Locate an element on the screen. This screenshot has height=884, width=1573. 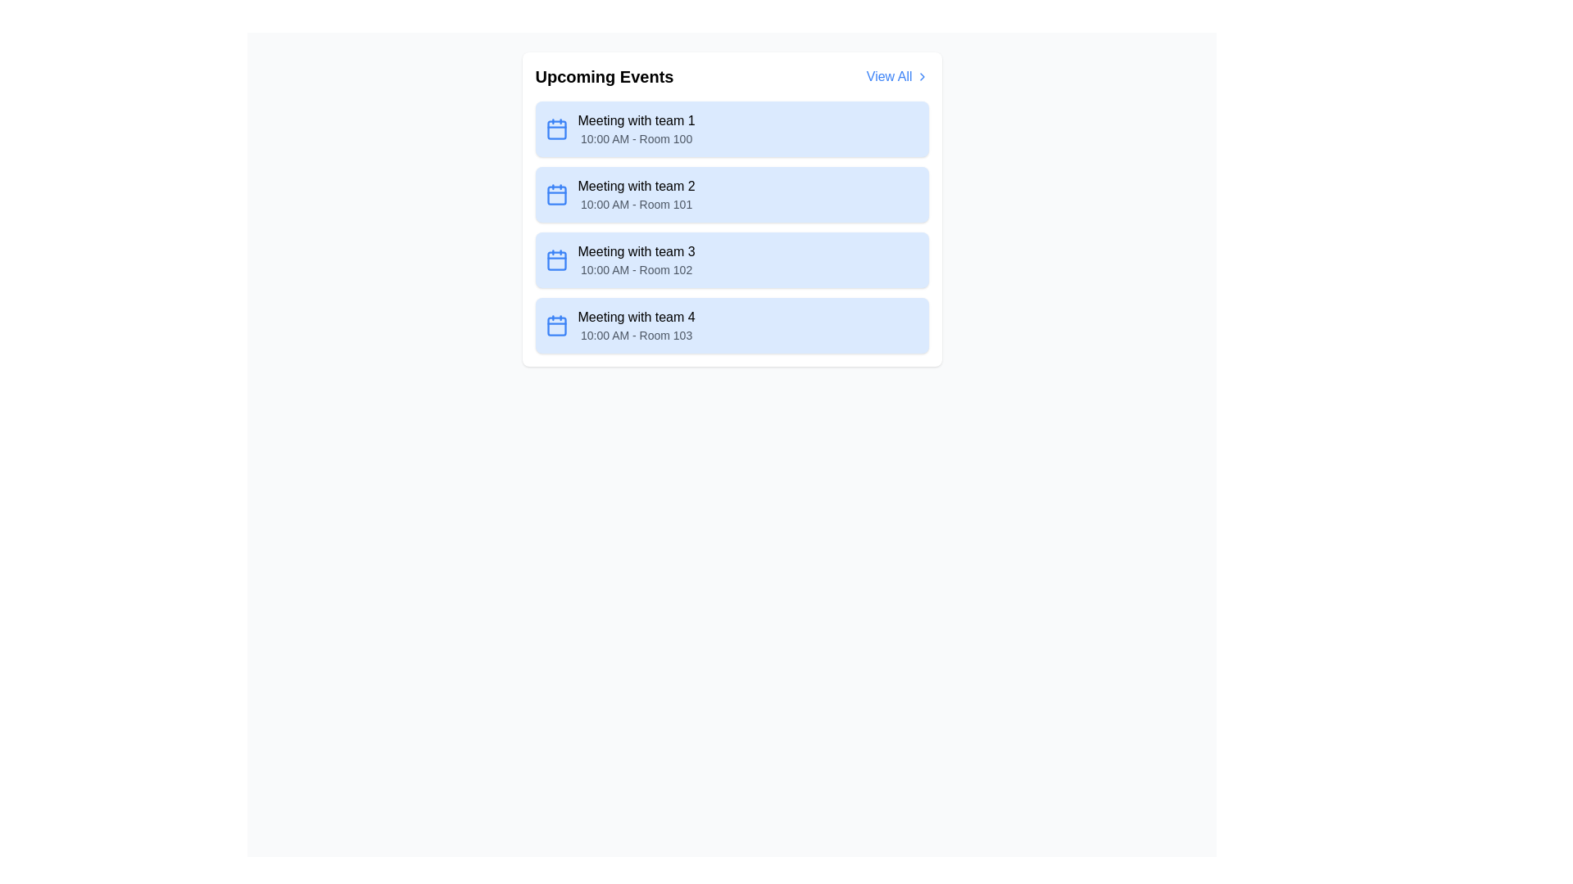
the 'Meeting with team 1' text display located in the Upcoming Events section is located at coordinates (636, 129).